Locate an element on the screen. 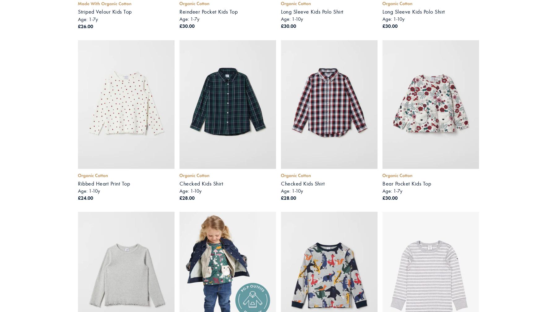  'Striped Velour Kids Top' is located at coordinates (105, 11).